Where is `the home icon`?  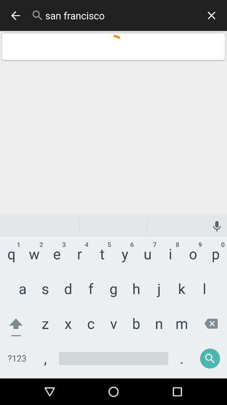 the home icon is located at coordinates (18, 317).